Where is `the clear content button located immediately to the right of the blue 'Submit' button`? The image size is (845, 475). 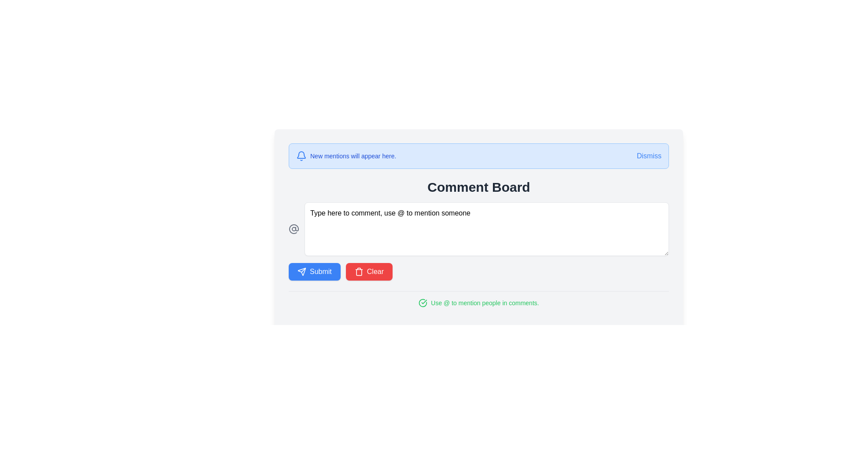 the clear content button located immediately to the right of the blue 'Submit' button is located at coordinates (369, 271).